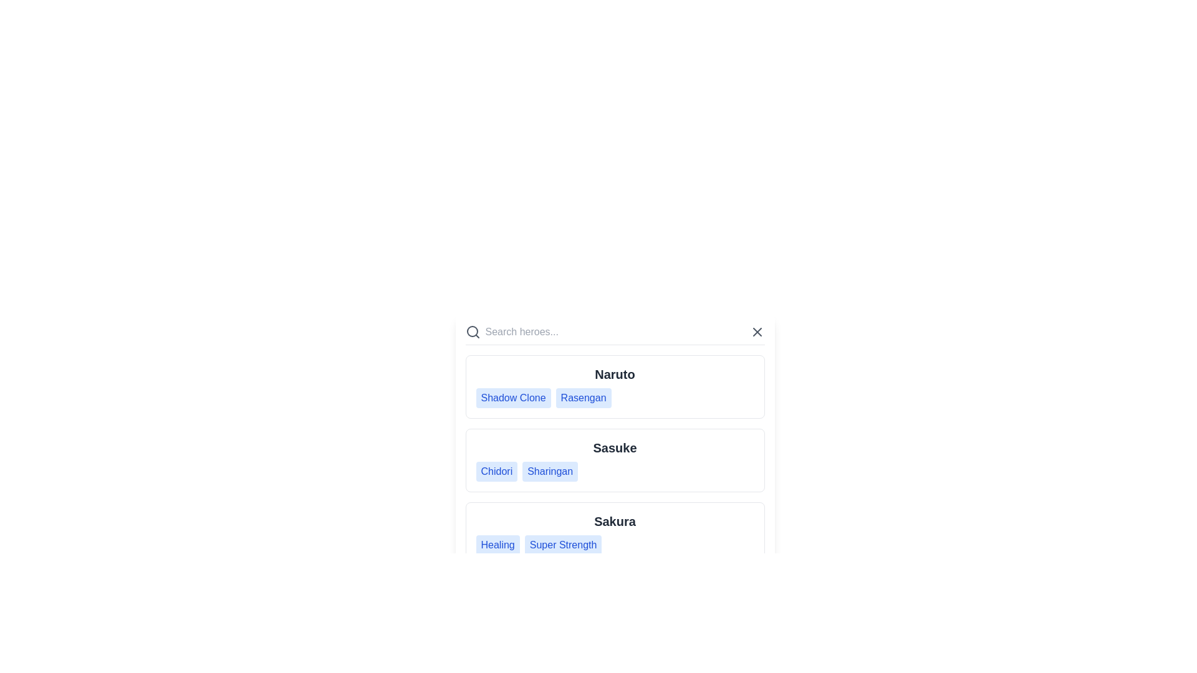 The height and width of the screenshot is (673, 1197). Describe the element at coordinates (496, 471) in the screenshot. I see `the first label 'Chidori' which is part of the label group under the section 'Sasuke' and positioned to the left of 'Sharingan'` at that location.